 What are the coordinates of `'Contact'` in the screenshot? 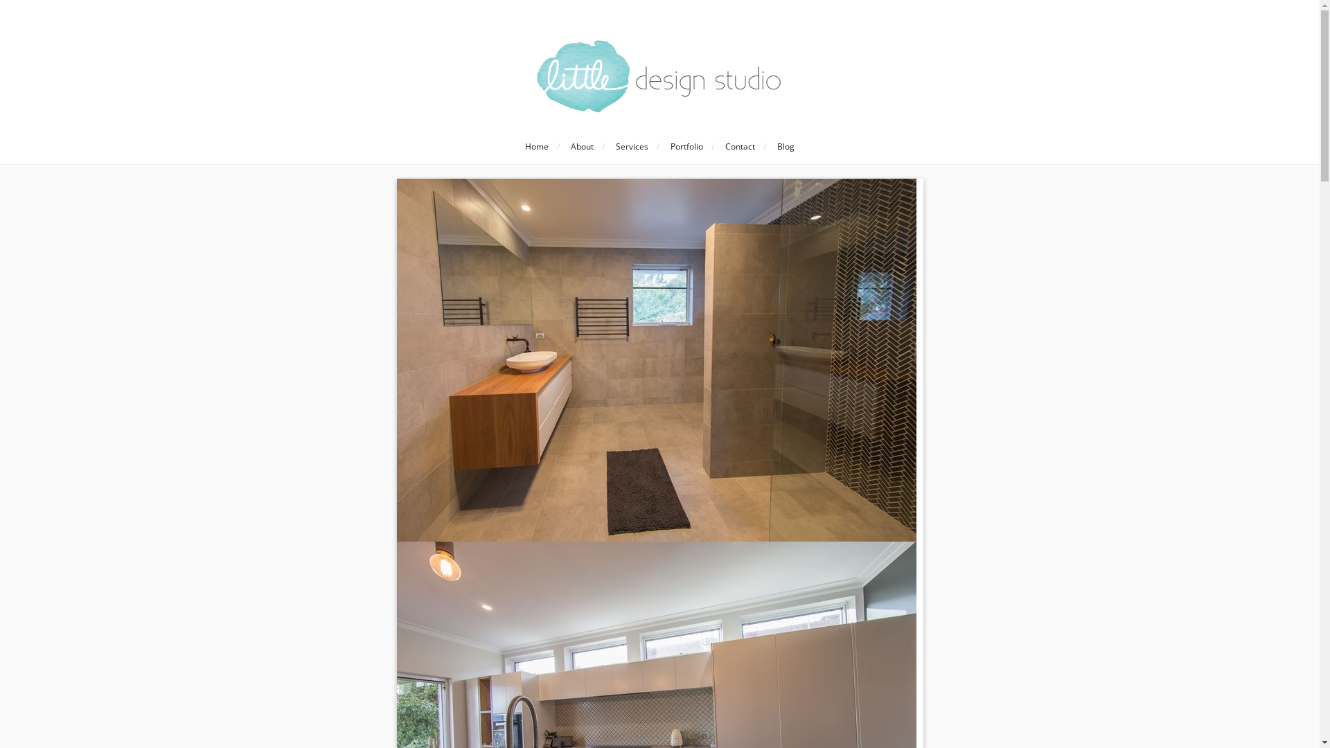 It's located at (739, 147).